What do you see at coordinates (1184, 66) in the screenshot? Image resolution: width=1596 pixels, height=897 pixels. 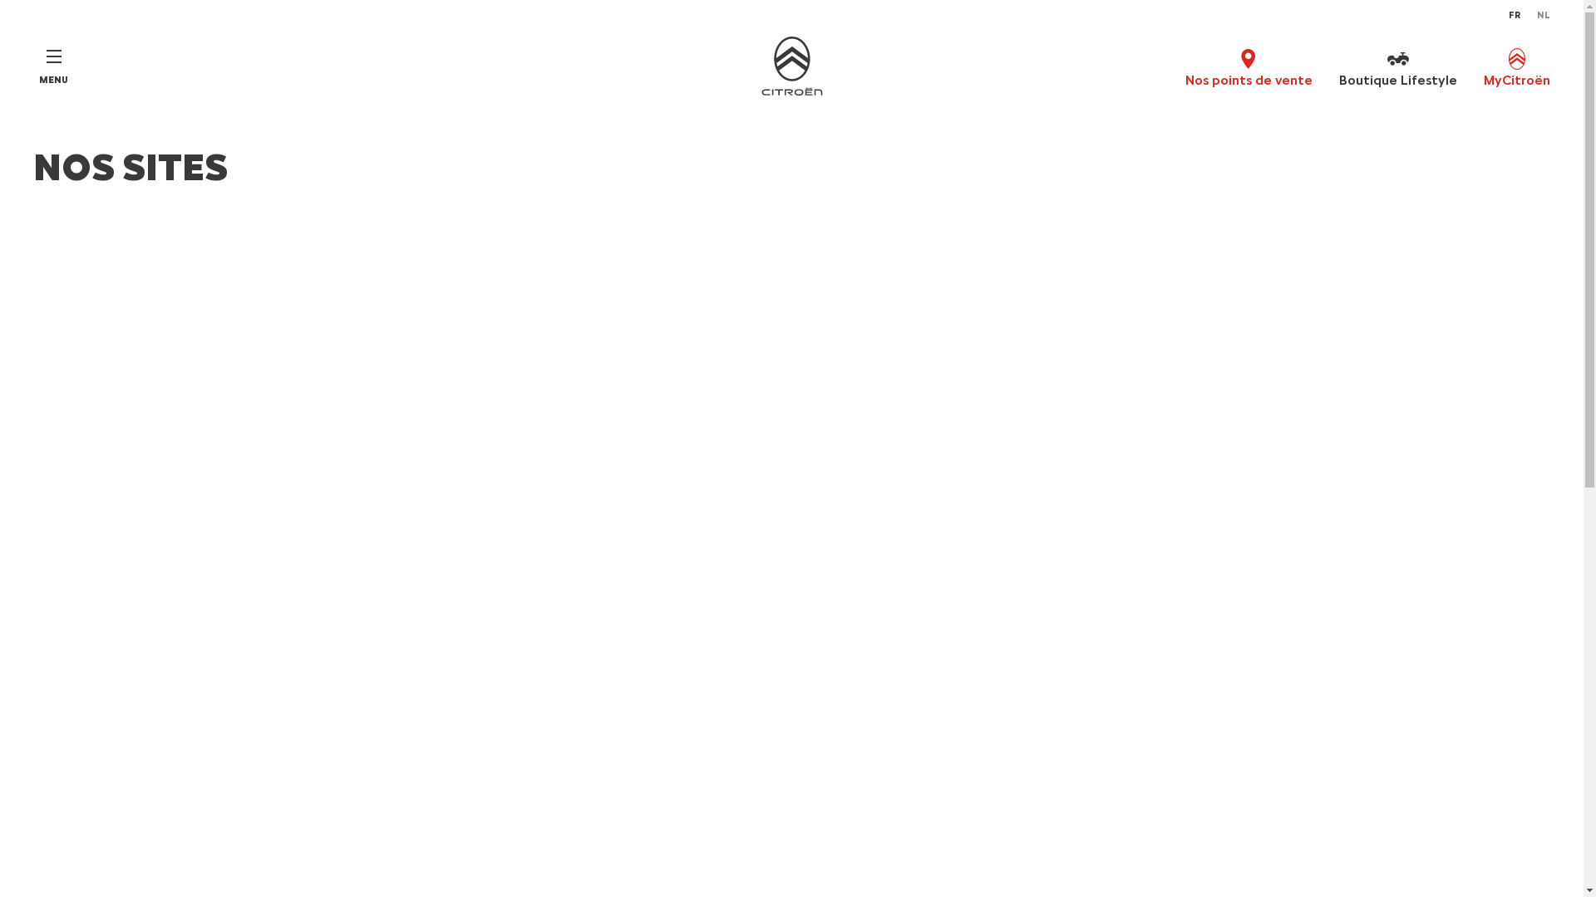 I see `'Nos points de vente'` at bounding box center [1184, 66].